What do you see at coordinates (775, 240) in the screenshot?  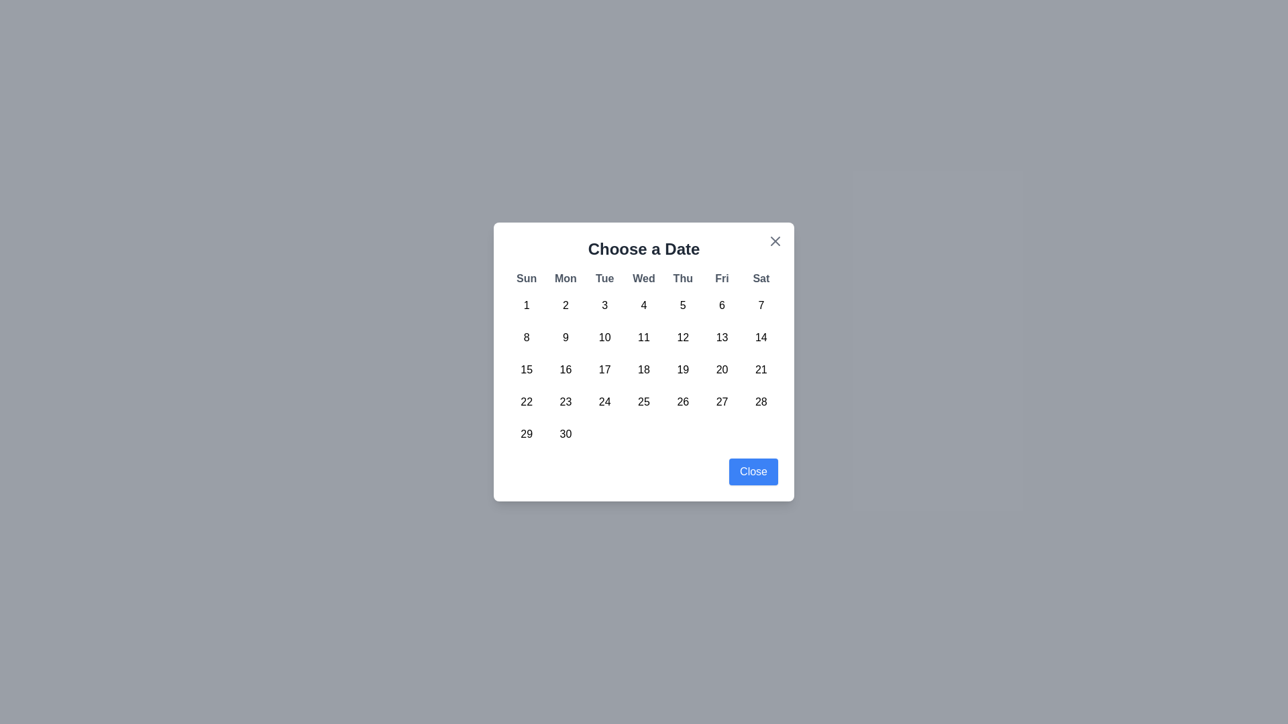 I see `'X' button in the top right corner of the dialog to close it` at bounding box center [775, 240].